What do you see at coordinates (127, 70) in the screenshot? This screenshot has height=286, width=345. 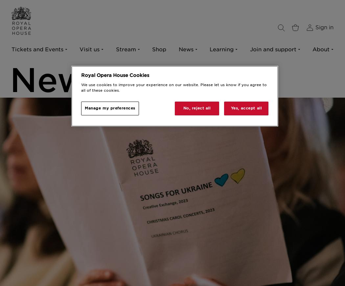 I see `'Become a member'` at bounding box center [127, 70].